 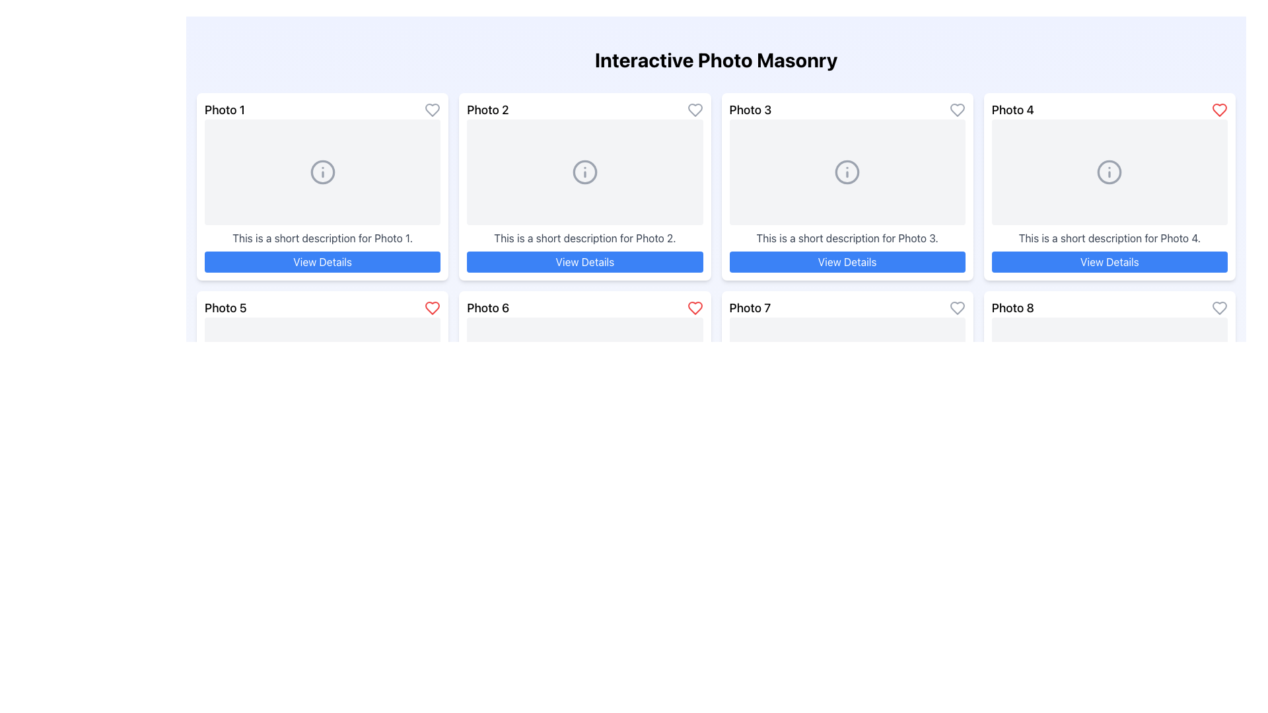 I want to click on the text label that reads 'This is a short description for Photo 1.' which is styled in light gray and located centrally beneath the image area of Photo 1, so click(x=322, y=238).